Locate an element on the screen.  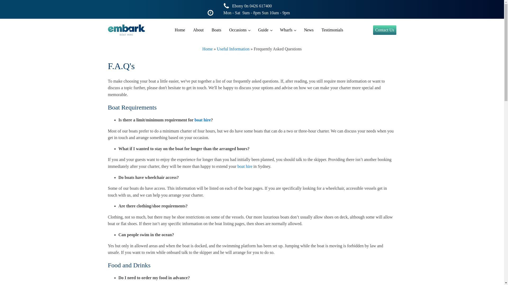
'boat hire' is located at coordinates (194, 120).